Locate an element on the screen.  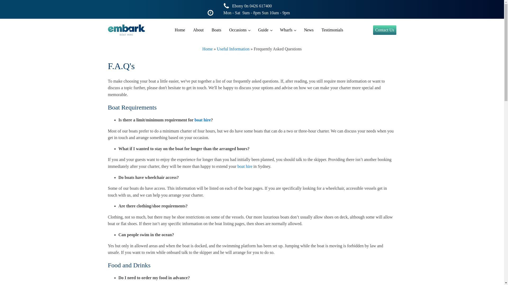
'boat hire' is located at coordinates (194, 120).